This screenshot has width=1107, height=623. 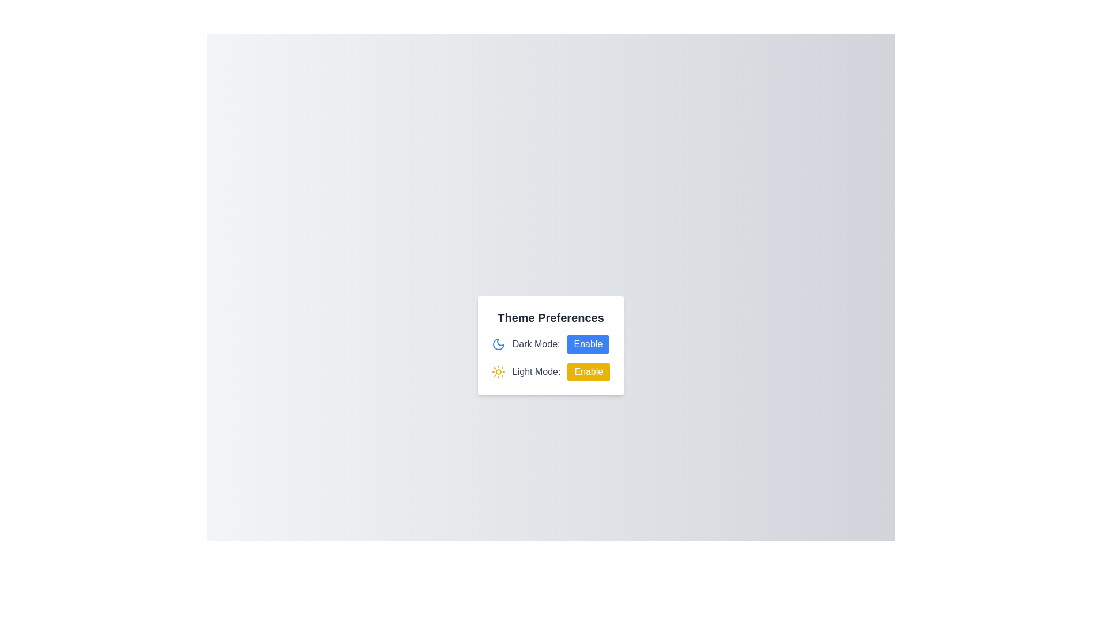 What do you see at coordinates (498, 344) in the screenshot?
I see `the blue crescent moon icon representing the 'Dark Mode' option in the 'Theme Preferences' section, located to the left of the 'Dark Mode:' text and above the 'Enable' button` at bounding box center [498, 344].